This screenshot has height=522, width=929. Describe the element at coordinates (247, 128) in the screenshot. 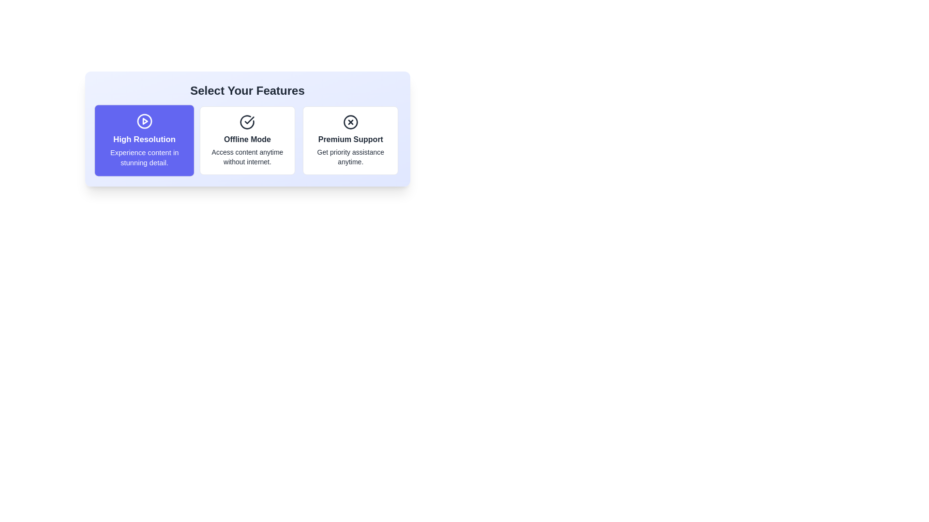

I see `the icons and descriptions of the feature cards in the section with the gradient background titled 'Select Your Features'` at that location.